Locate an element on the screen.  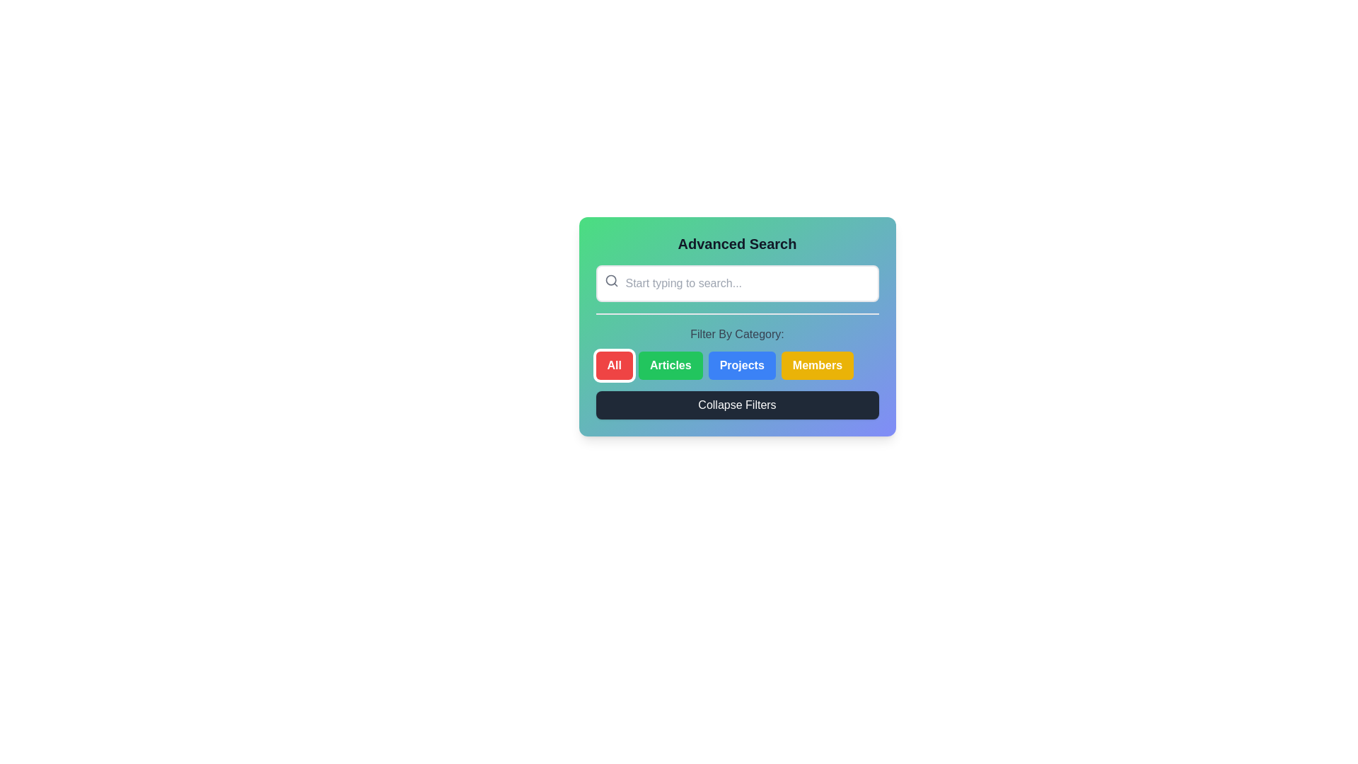
the 'Projects' filter button located is located at coordinates (736, 364).